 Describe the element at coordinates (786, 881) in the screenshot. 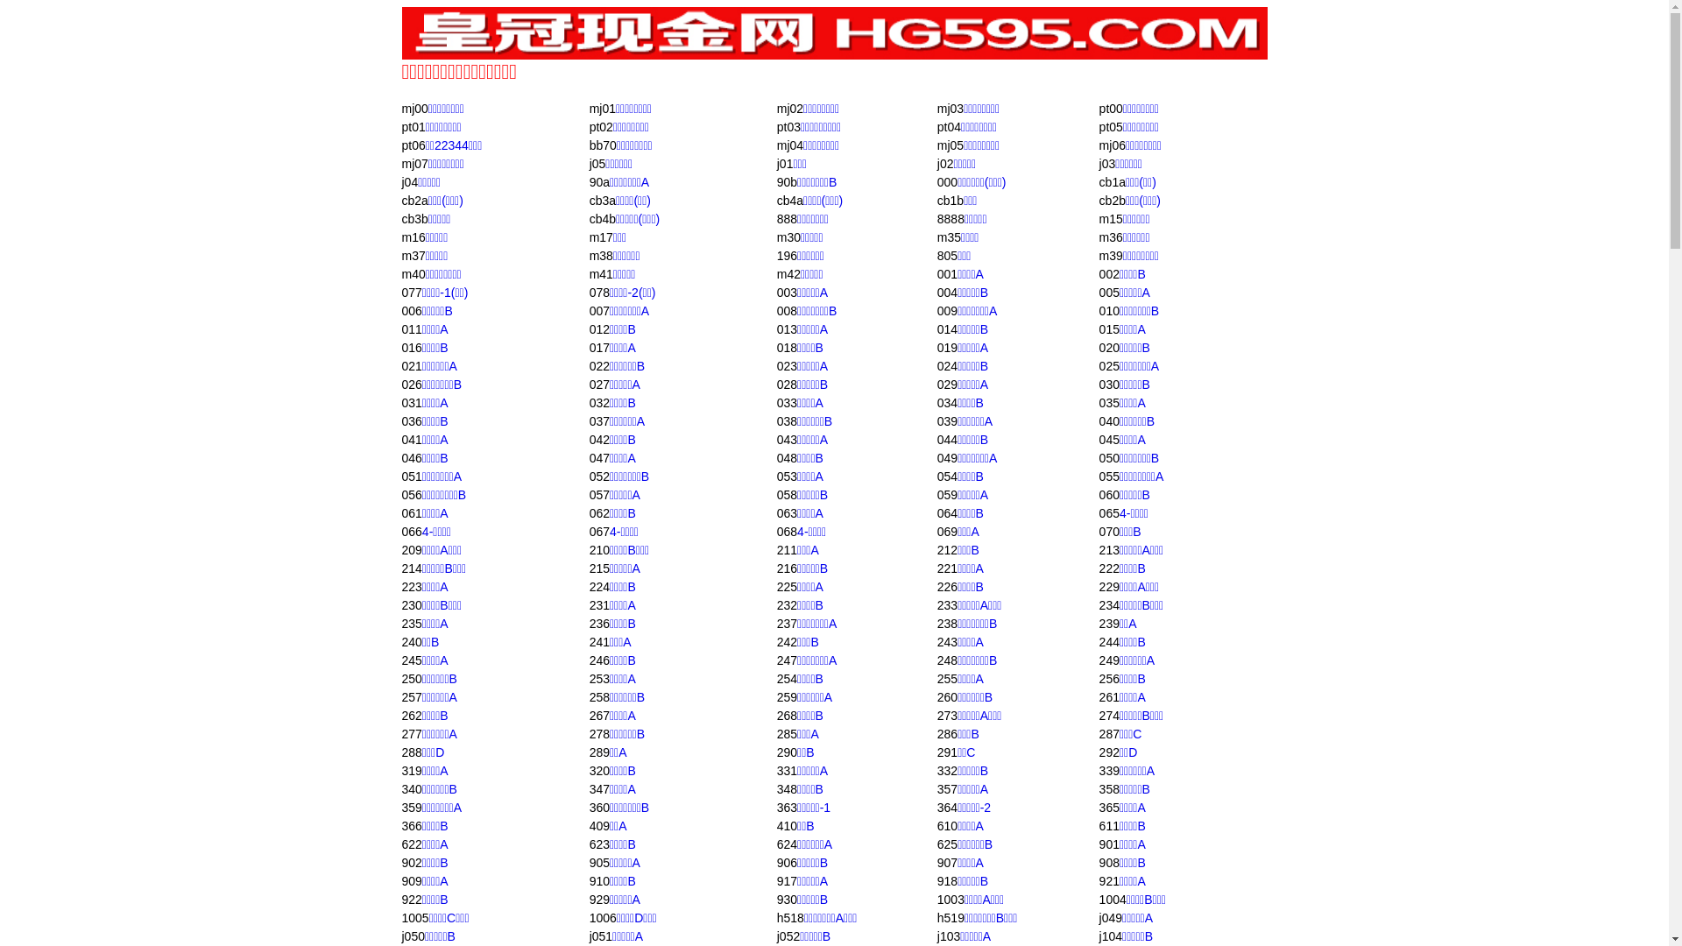

I see `'917'` at that location.